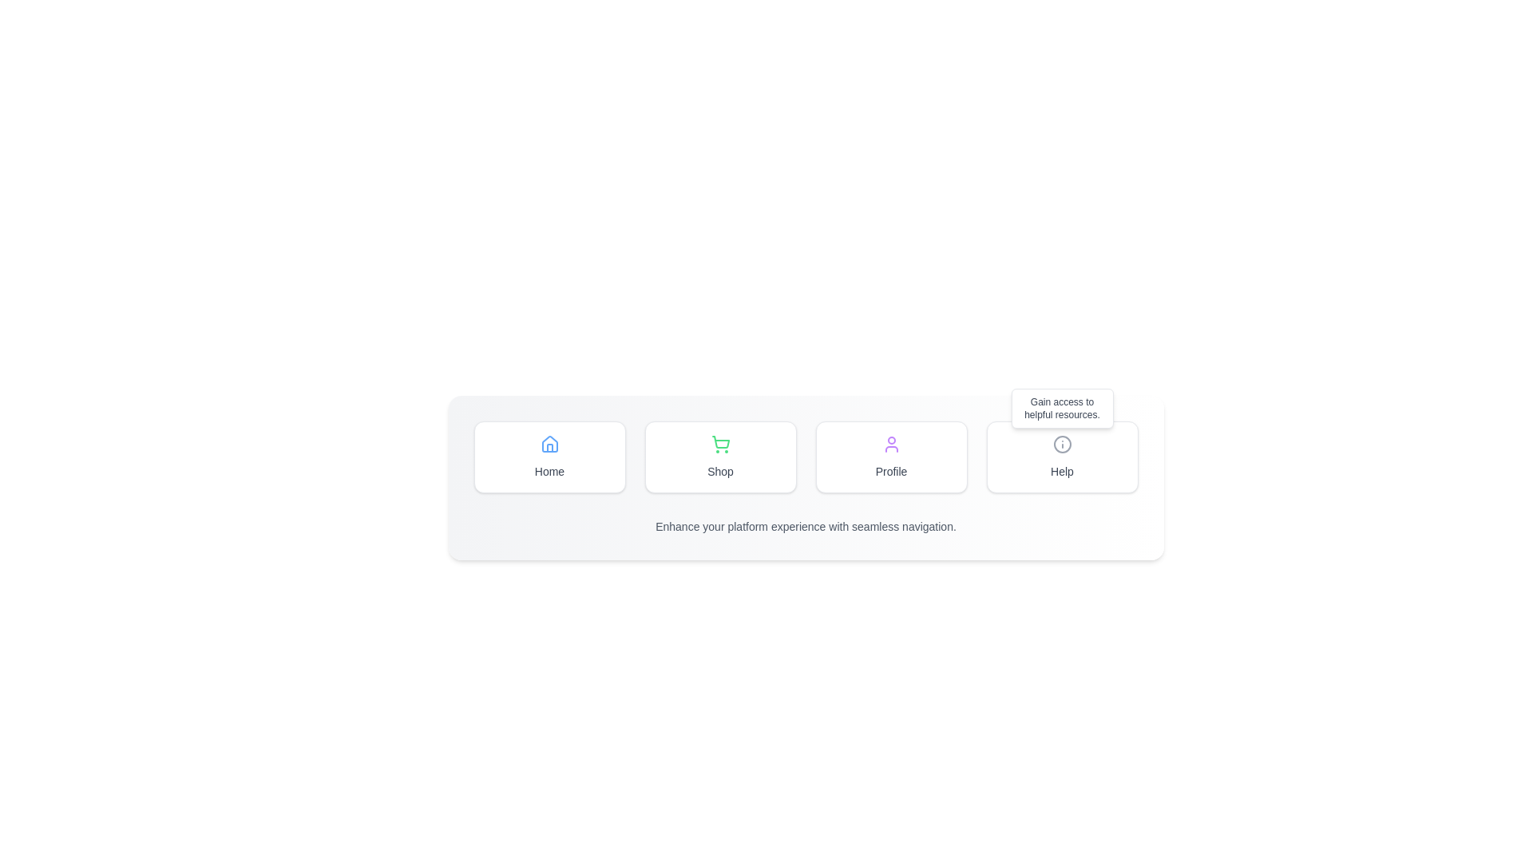  Describe the element at coordinates (806, 526) in the screenshot. I see `descriptive or motivational text label located below the navigation panel, which informs users about an enhanced platform experience` at that location.